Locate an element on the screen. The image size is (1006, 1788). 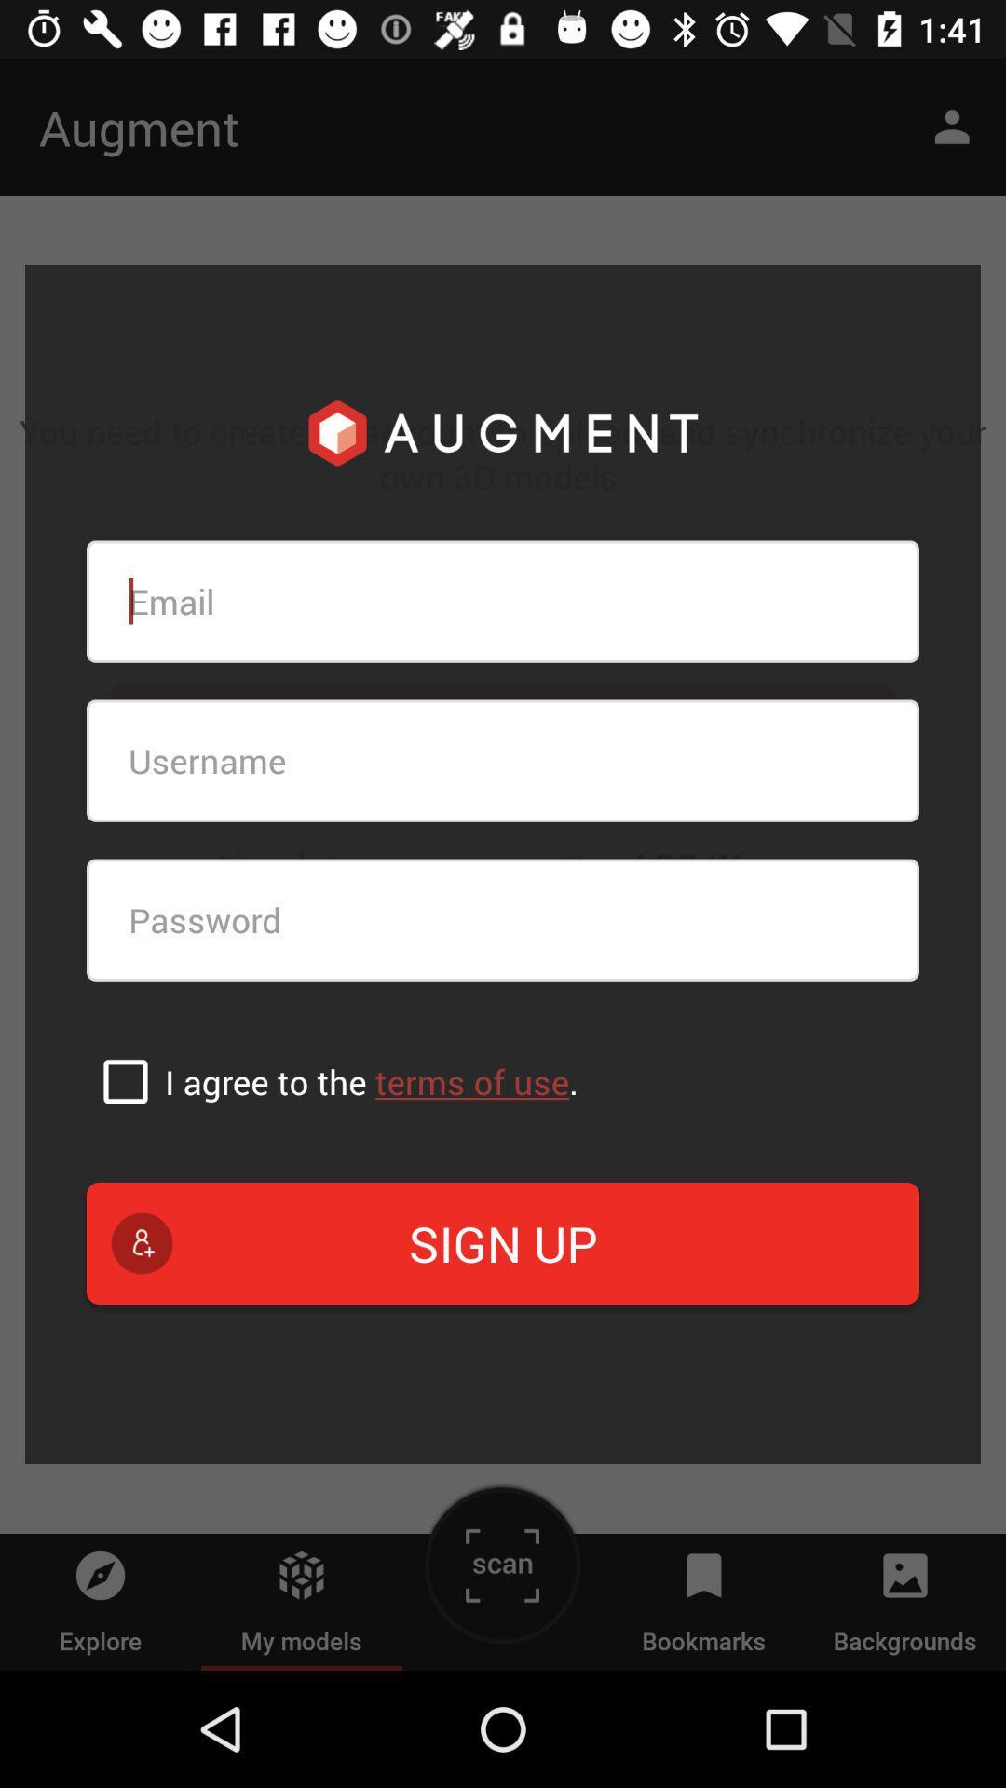
the box in order to accept and continue is located at coordinates (126, 1081).